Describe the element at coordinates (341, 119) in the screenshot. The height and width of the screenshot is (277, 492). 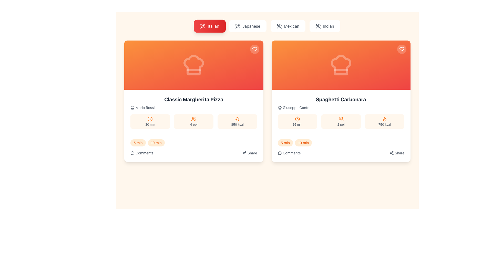
I see `the appearance of the user group information icon, which is the leftmost element among its siblings, with a text label '2 ppl' positioned right below it` at that location.